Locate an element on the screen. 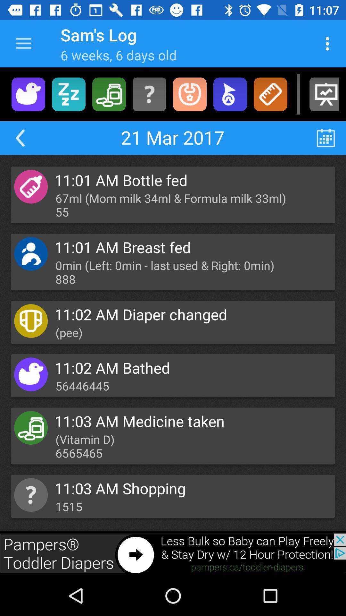 The image size is (346, 616). bath time option is located at coordinates (28, 94).